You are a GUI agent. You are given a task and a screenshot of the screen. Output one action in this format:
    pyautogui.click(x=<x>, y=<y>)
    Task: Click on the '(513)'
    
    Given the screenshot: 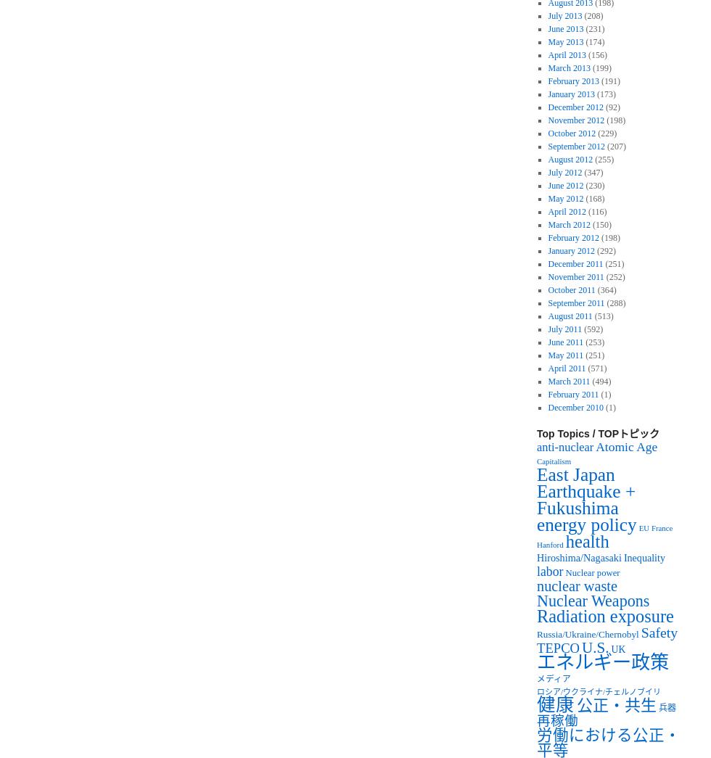 What is the action you would take?
    pyautogui.click(x=602, y=316)
    